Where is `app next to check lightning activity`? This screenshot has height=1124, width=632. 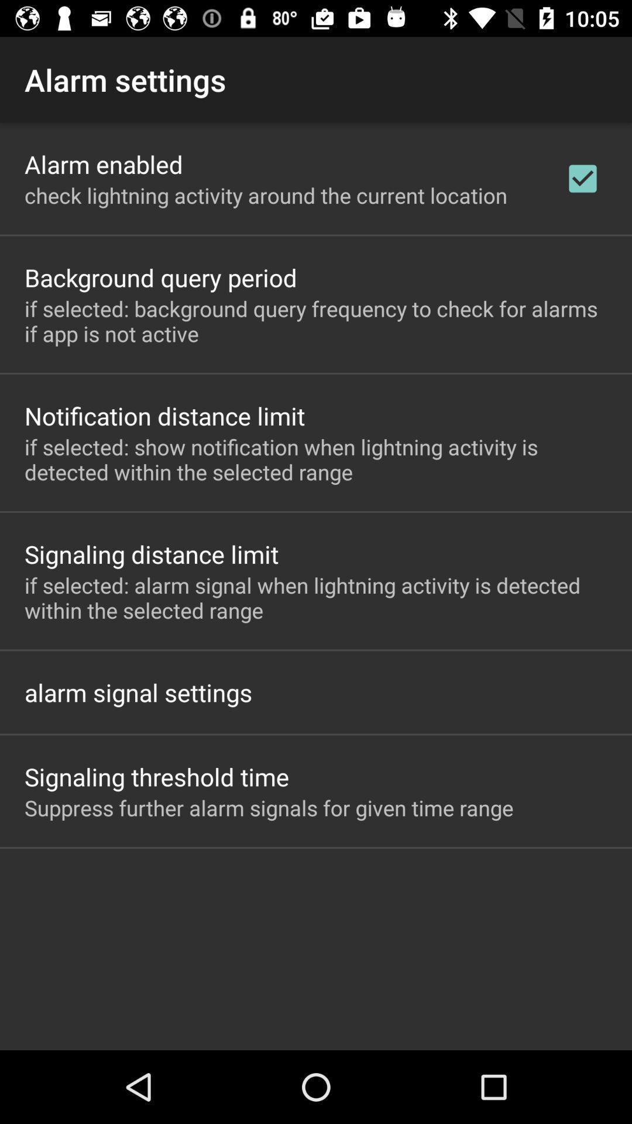
app next to check lightning activity is located at coordinates (582, 178).